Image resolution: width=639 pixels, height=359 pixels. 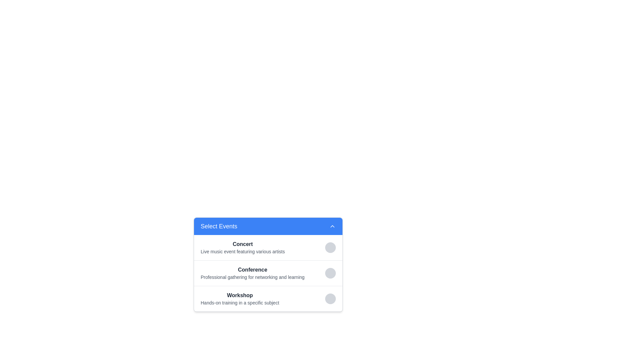 I want to click on the text label titled 'Workshop' which is the third item in the list under 'Select Events', featuring a bold dark gray title and a smaller lighter gray description beneath it, so click(x=240, y=298).